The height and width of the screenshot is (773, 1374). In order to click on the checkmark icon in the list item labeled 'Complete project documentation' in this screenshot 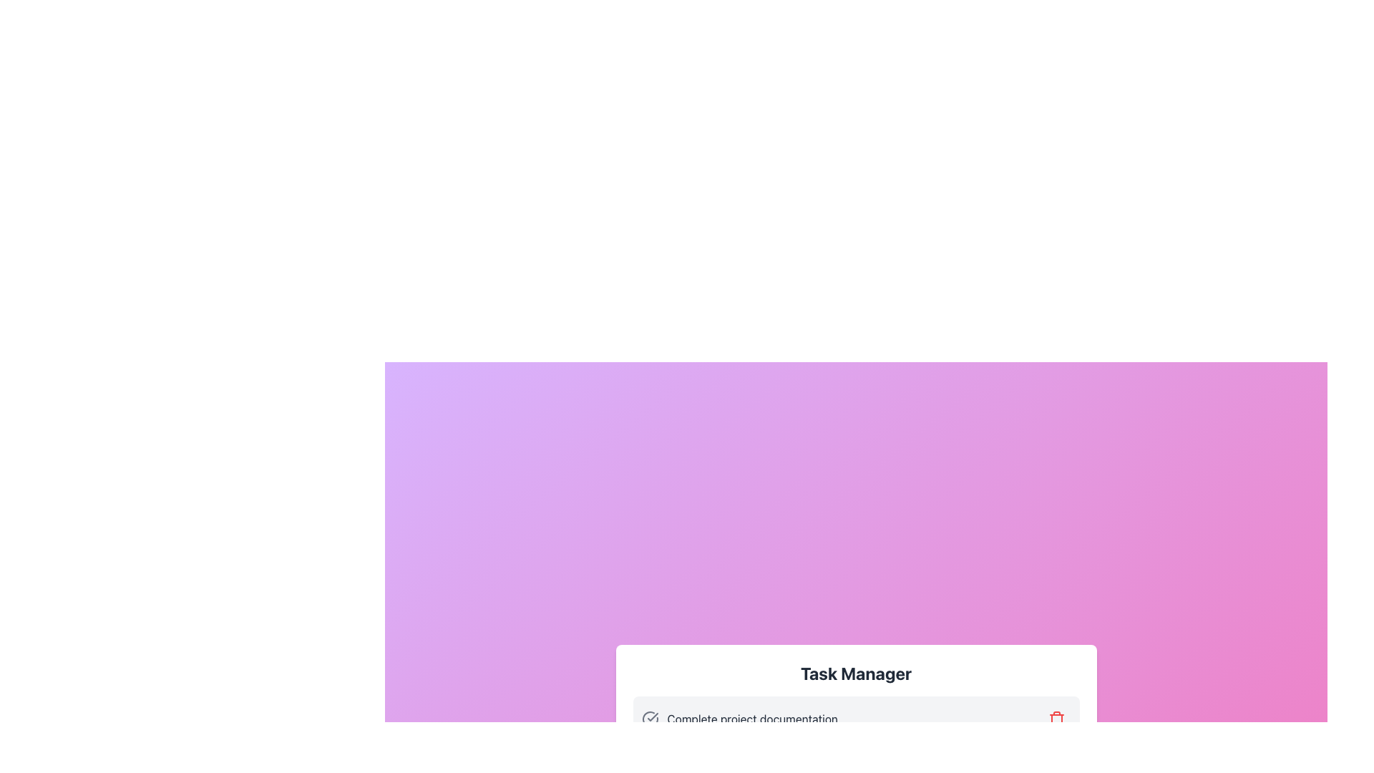, I will do `click(739, 719)`.